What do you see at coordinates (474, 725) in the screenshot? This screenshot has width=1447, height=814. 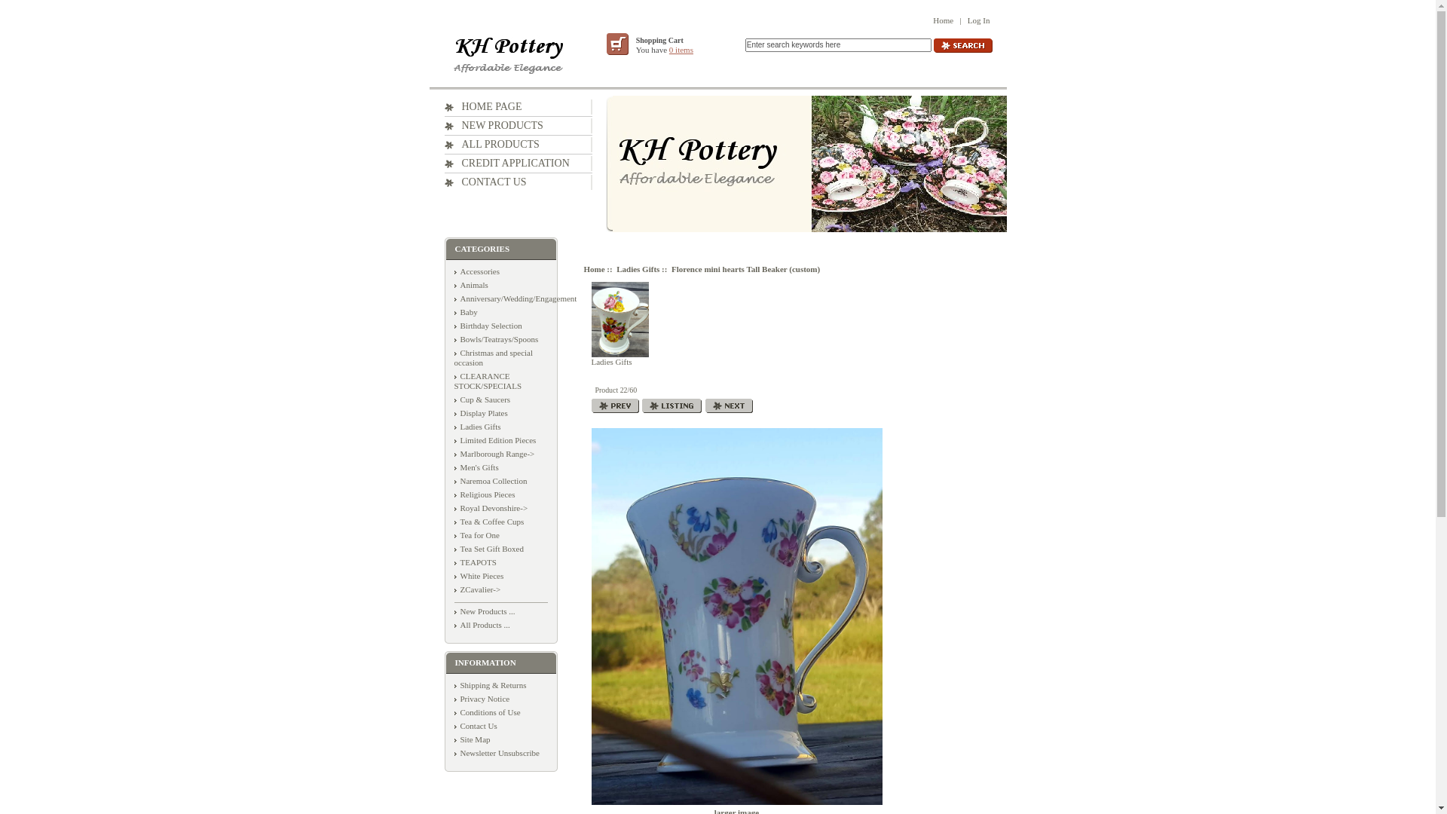 I see `'Contact Us'` at bounding box center [474, 725].